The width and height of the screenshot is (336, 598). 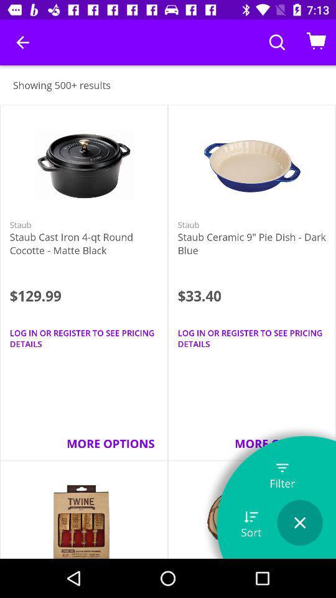 I want to click on the close icon, so click(x=299, y=523).